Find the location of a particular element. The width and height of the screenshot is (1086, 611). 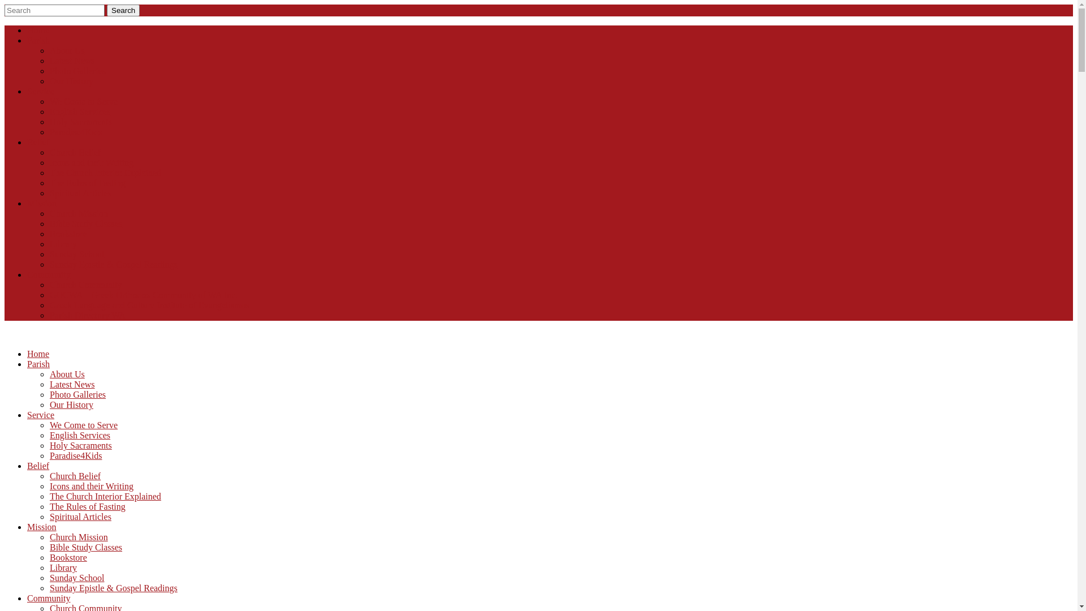

'Church Mission' is located at coordinates (78, 536).